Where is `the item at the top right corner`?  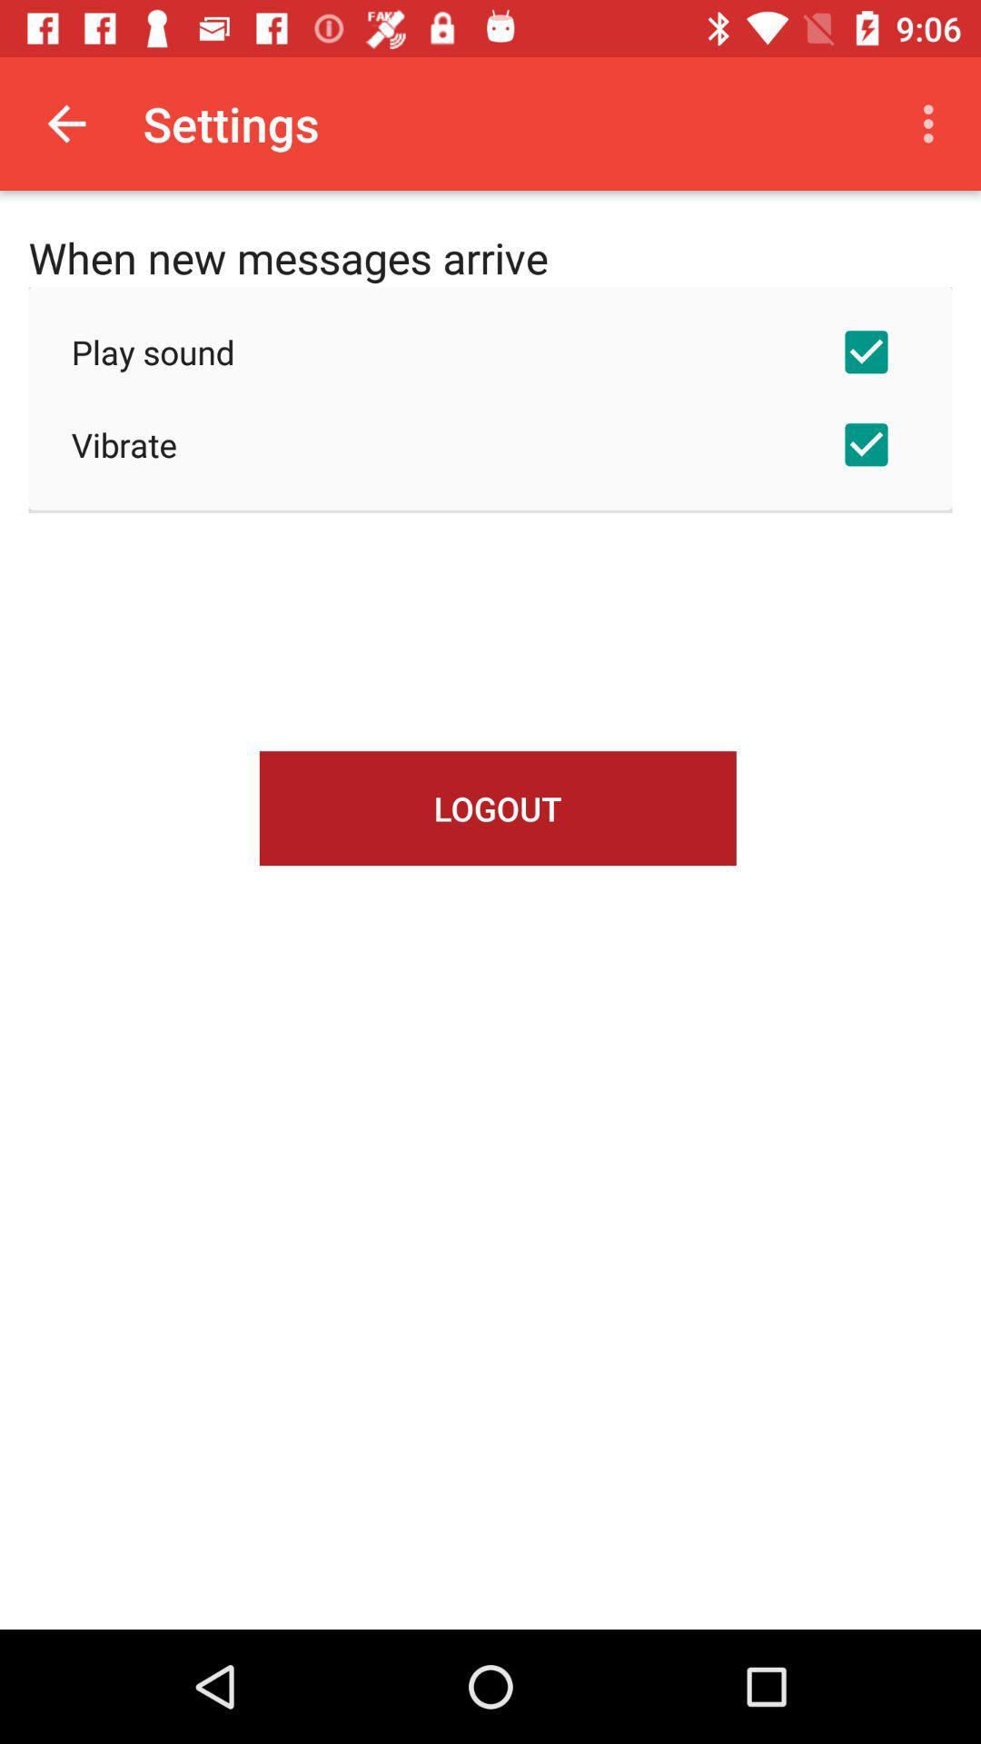
the item at the top right corner is located at coordinates (933, 123).